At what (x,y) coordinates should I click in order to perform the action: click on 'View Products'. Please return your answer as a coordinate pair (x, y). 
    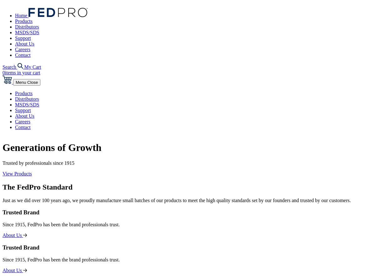
    Looking at the image, I should click on (17, 173).